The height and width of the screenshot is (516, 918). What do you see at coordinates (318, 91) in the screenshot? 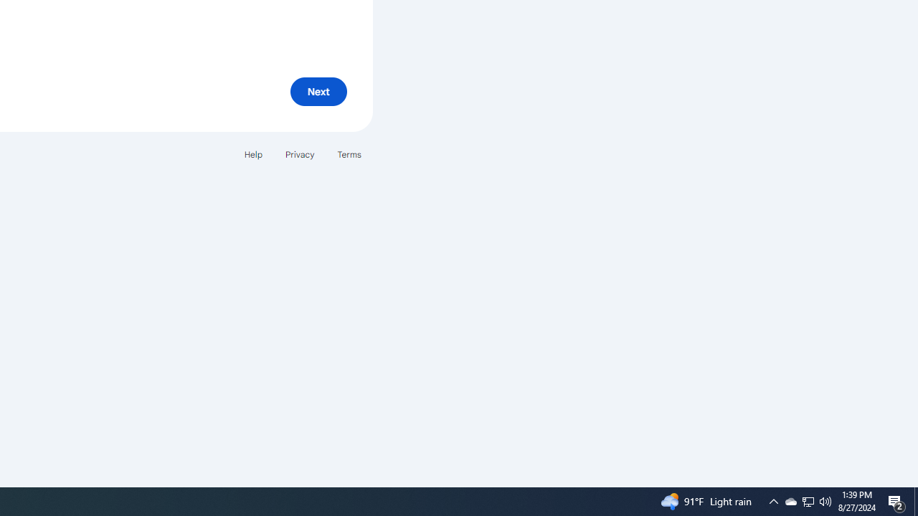
I see `'Next'` at bounding box center [318, 91].